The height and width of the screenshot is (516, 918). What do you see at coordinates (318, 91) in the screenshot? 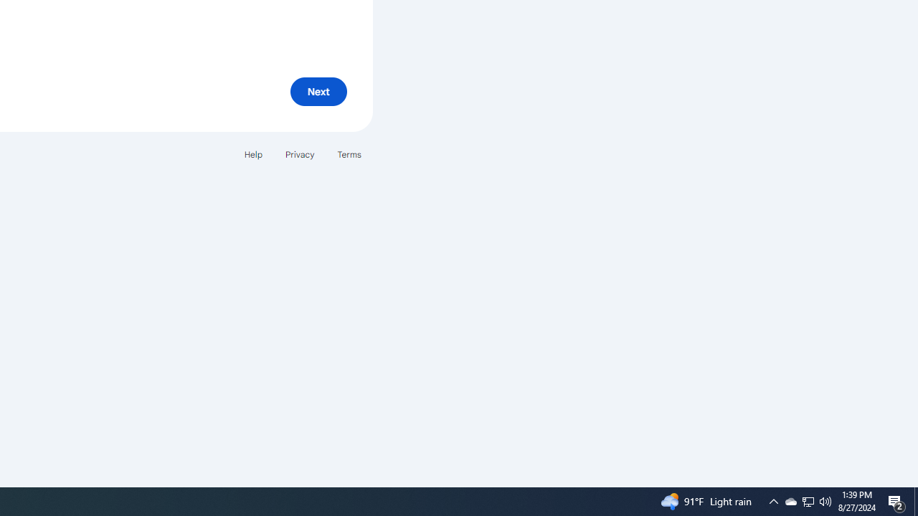
I see `'Next'` at bounding box center [318, 91].